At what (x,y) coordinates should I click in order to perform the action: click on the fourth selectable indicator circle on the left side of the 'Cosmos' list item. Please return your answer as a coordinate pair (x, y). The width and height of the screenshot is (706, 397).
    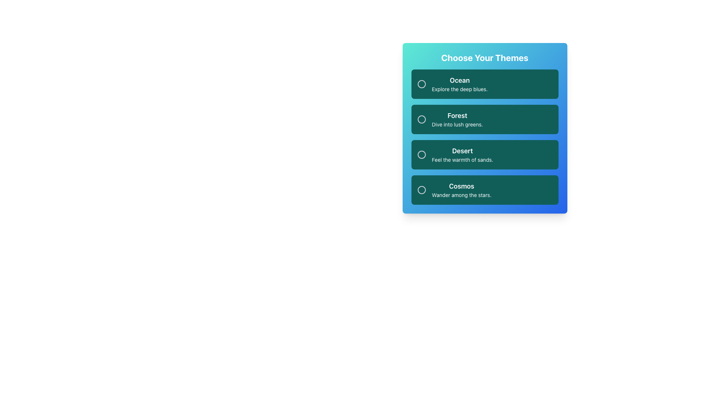
    Looking at the image, I should click on (421, 189).